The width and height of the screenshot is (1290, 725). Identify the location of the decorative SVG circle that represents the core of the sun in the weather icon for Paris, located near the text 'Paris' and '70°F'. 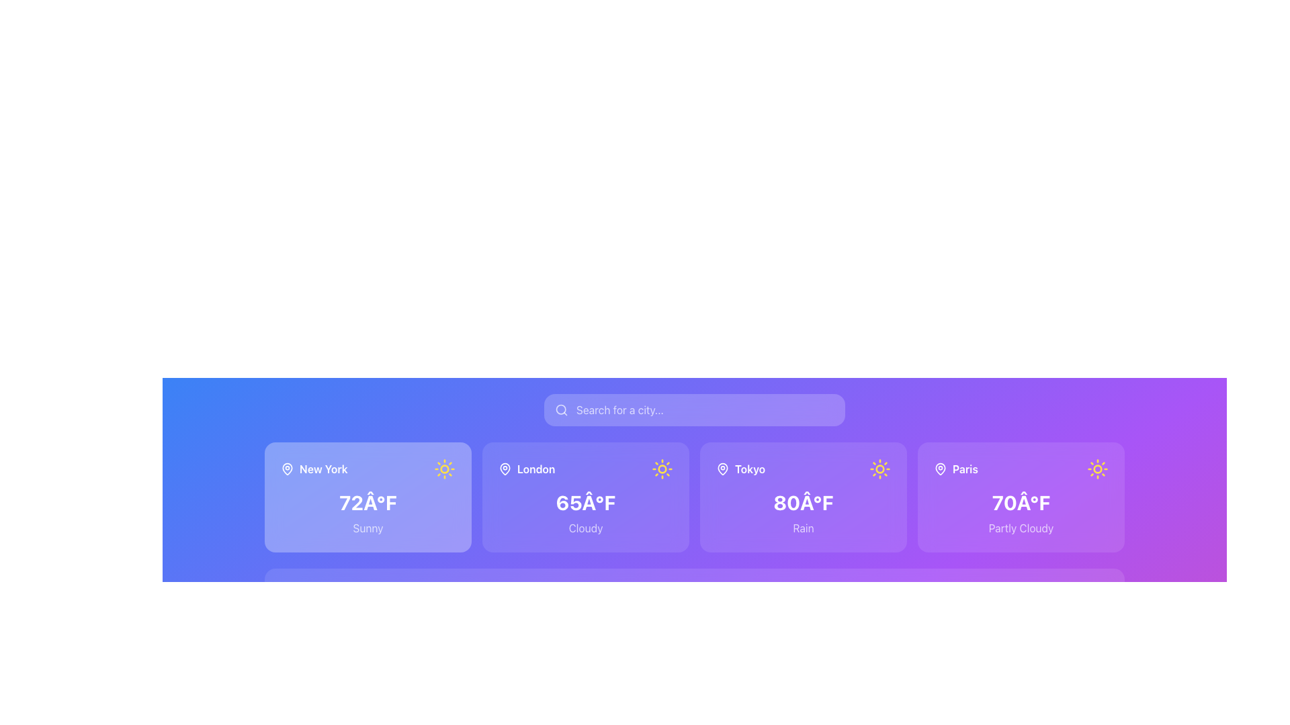
(1097, 468).